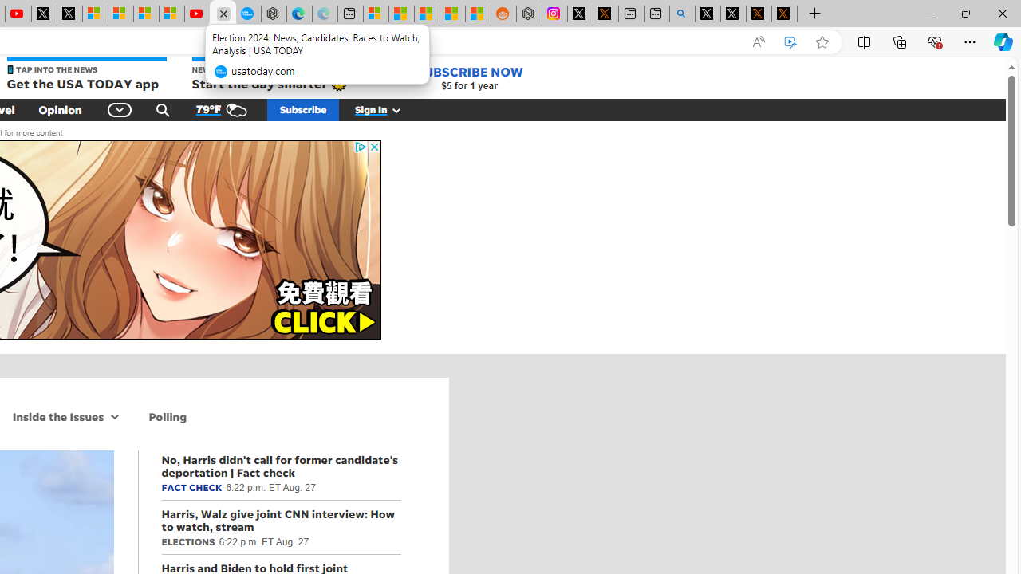  Describe the element at coordinates (120, 108) in the screenshot. I see `'Global Navigation'` at that location.